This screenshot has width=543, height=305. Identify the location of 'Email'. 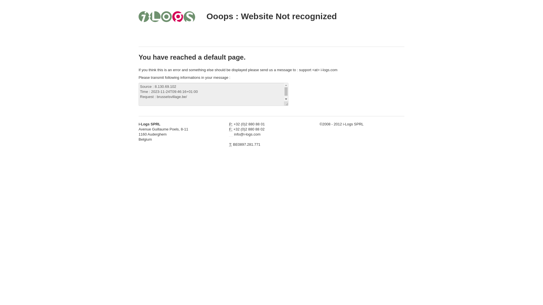
(231, 134).